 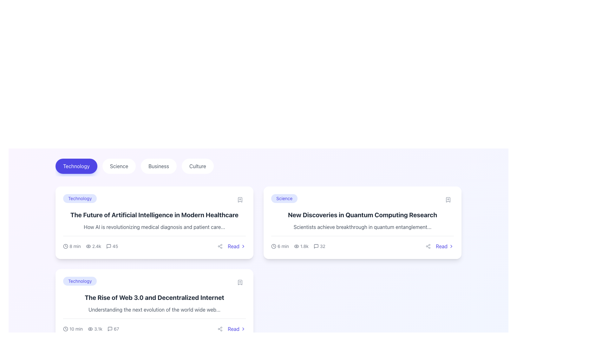 What do you see at coordinates (448, 200) in the screenshot?
I see `the bookmark button located at the top-right corner of the 'Science' card to bookmark or unbookmark the associated content` at bounding box center [448, 200].